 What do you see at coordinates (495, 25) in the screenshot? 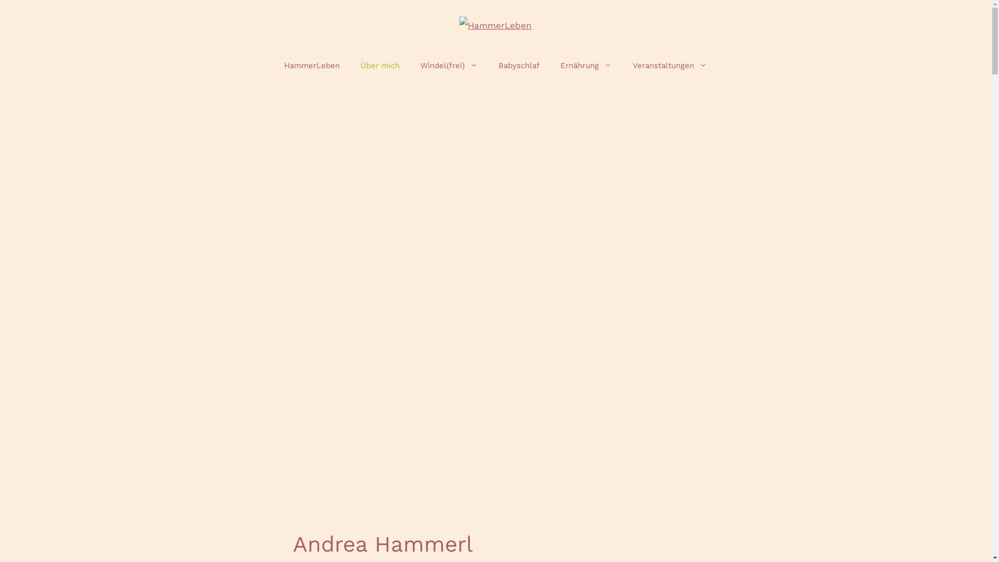
I see `'HammerLeben'` at bounding box center [495, 25].